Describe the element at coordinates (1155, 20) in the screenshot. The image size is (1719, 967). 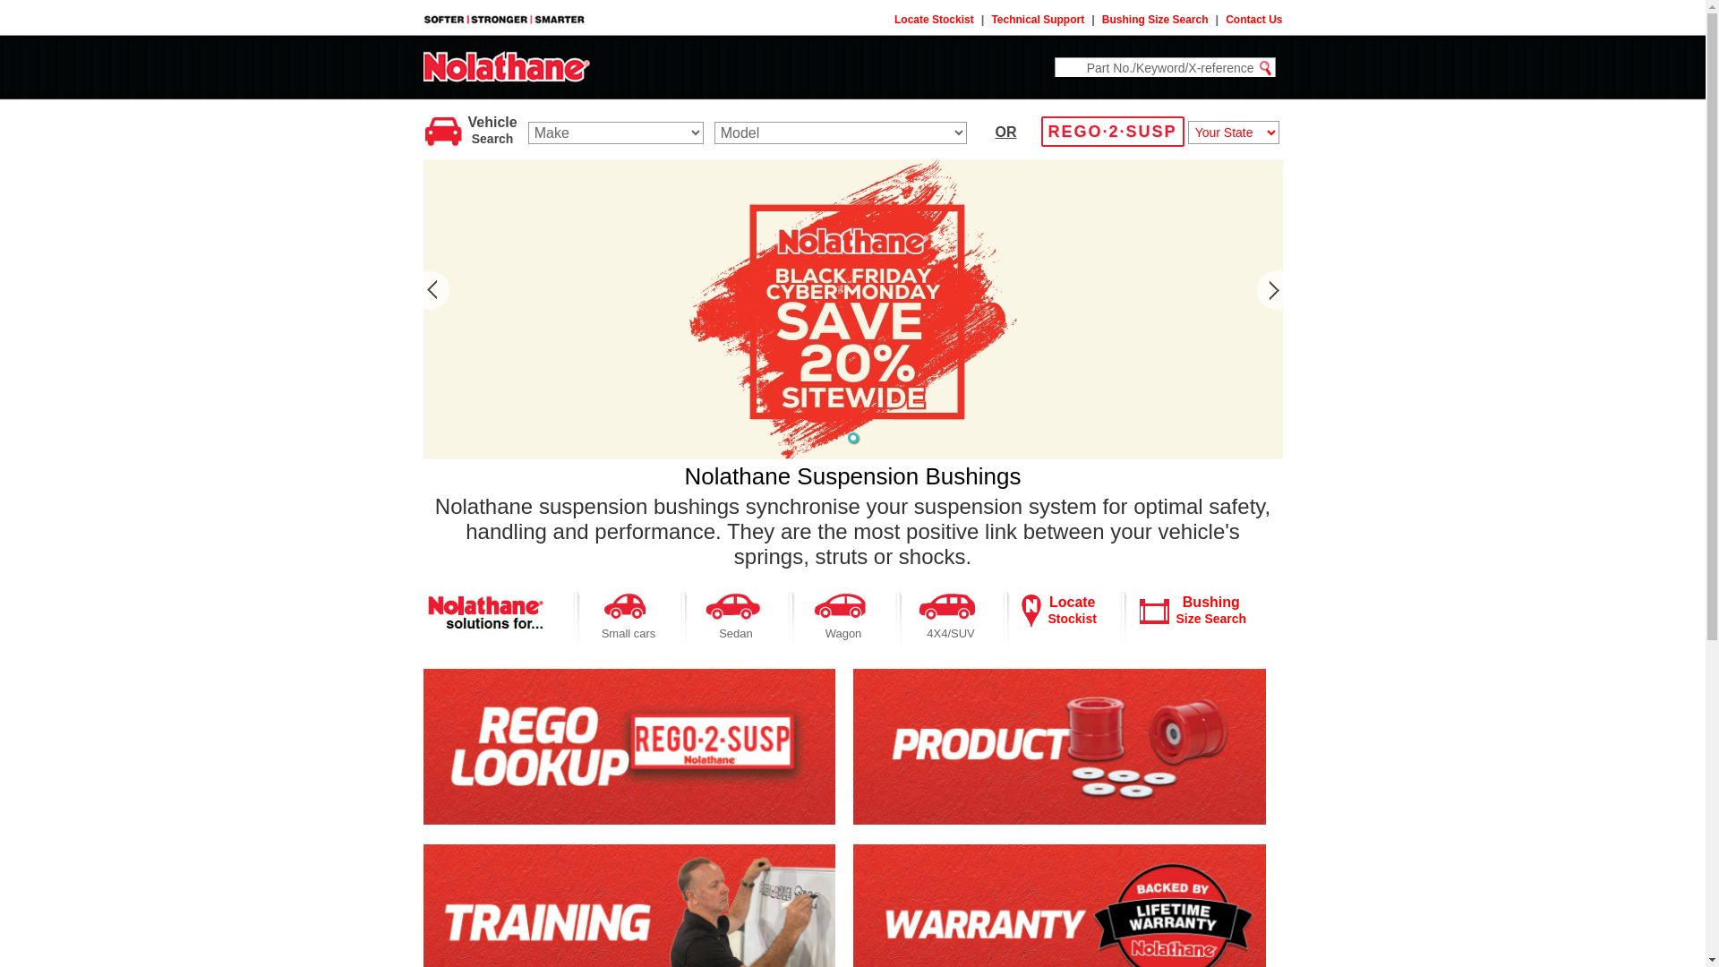
I see `'Bushing Size Search'` at that location.